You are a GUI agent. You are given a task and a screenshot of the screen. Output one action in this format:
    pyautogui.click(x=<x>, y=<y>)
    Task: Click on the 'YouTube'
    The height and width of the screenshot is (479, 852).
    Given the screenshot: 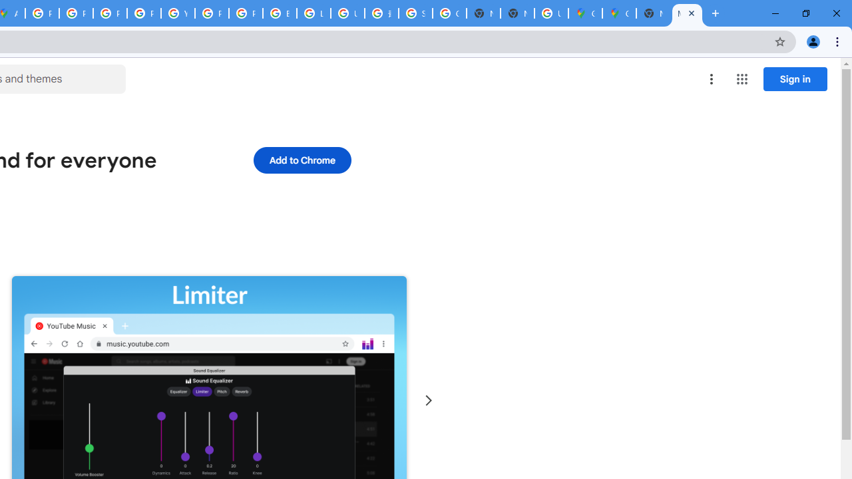 What is the action you would take?
    pyautogui.click(x=177, y=13)
    